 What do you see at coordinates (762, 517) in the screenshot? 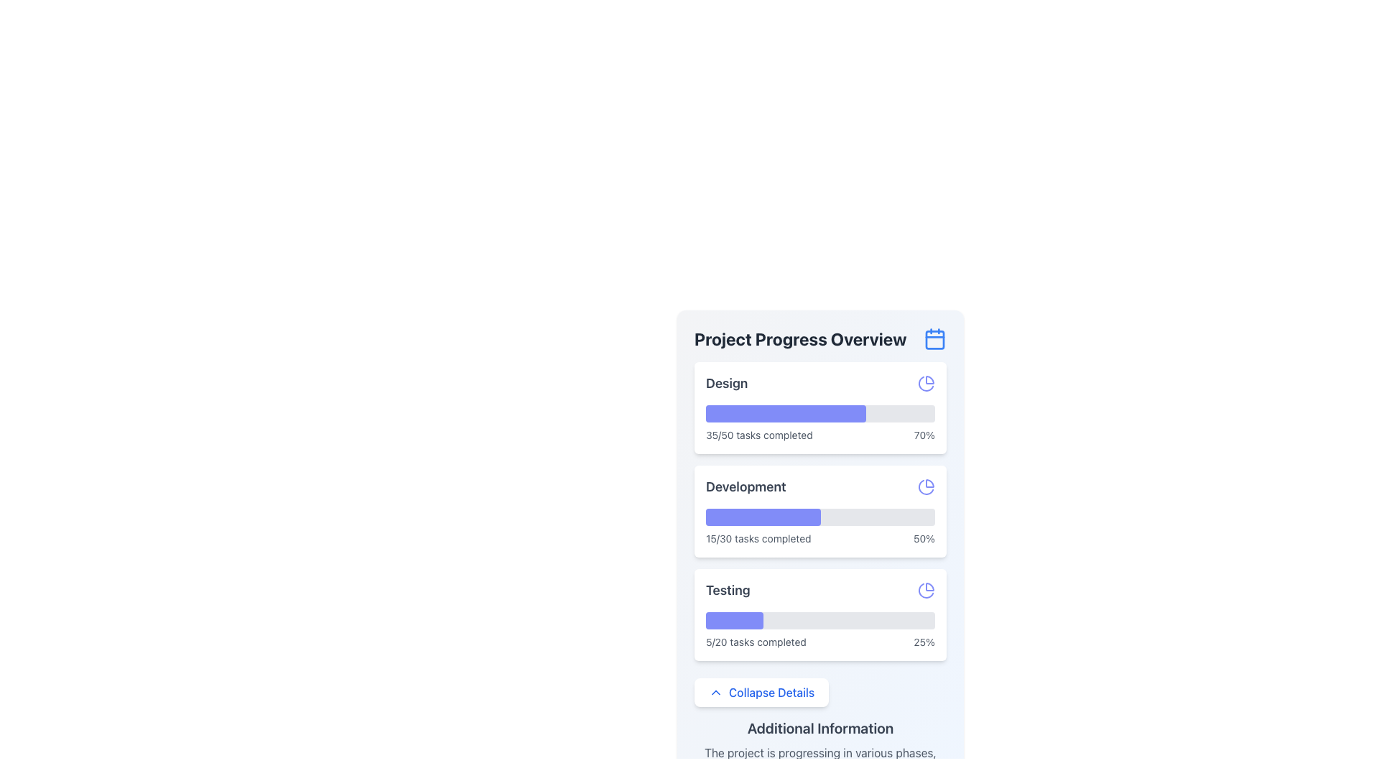
I see `the blue progress bar that is 50% filled within the gray background bar, located in the development progress section` at bounding box center [762, 517].